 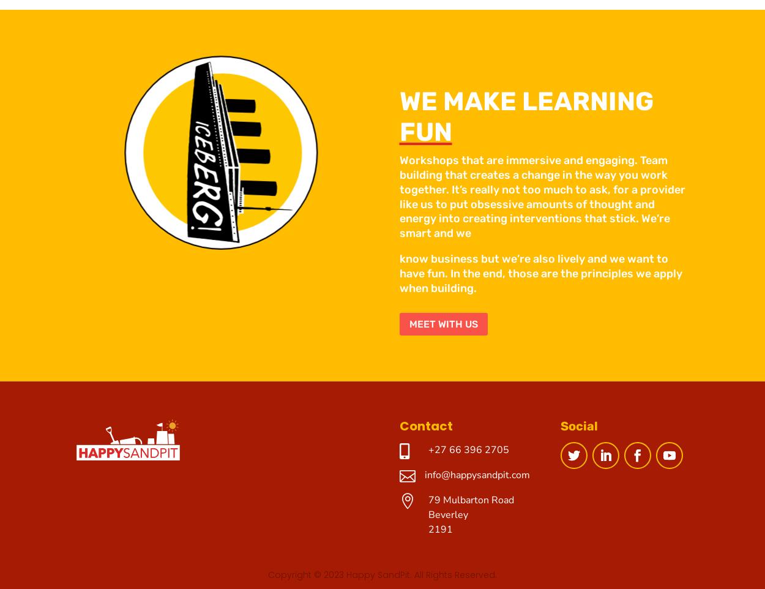 What do you see at coordinates (578, 426) in the screenshot?
I see `'Social'` at bounding box center [578, 426].